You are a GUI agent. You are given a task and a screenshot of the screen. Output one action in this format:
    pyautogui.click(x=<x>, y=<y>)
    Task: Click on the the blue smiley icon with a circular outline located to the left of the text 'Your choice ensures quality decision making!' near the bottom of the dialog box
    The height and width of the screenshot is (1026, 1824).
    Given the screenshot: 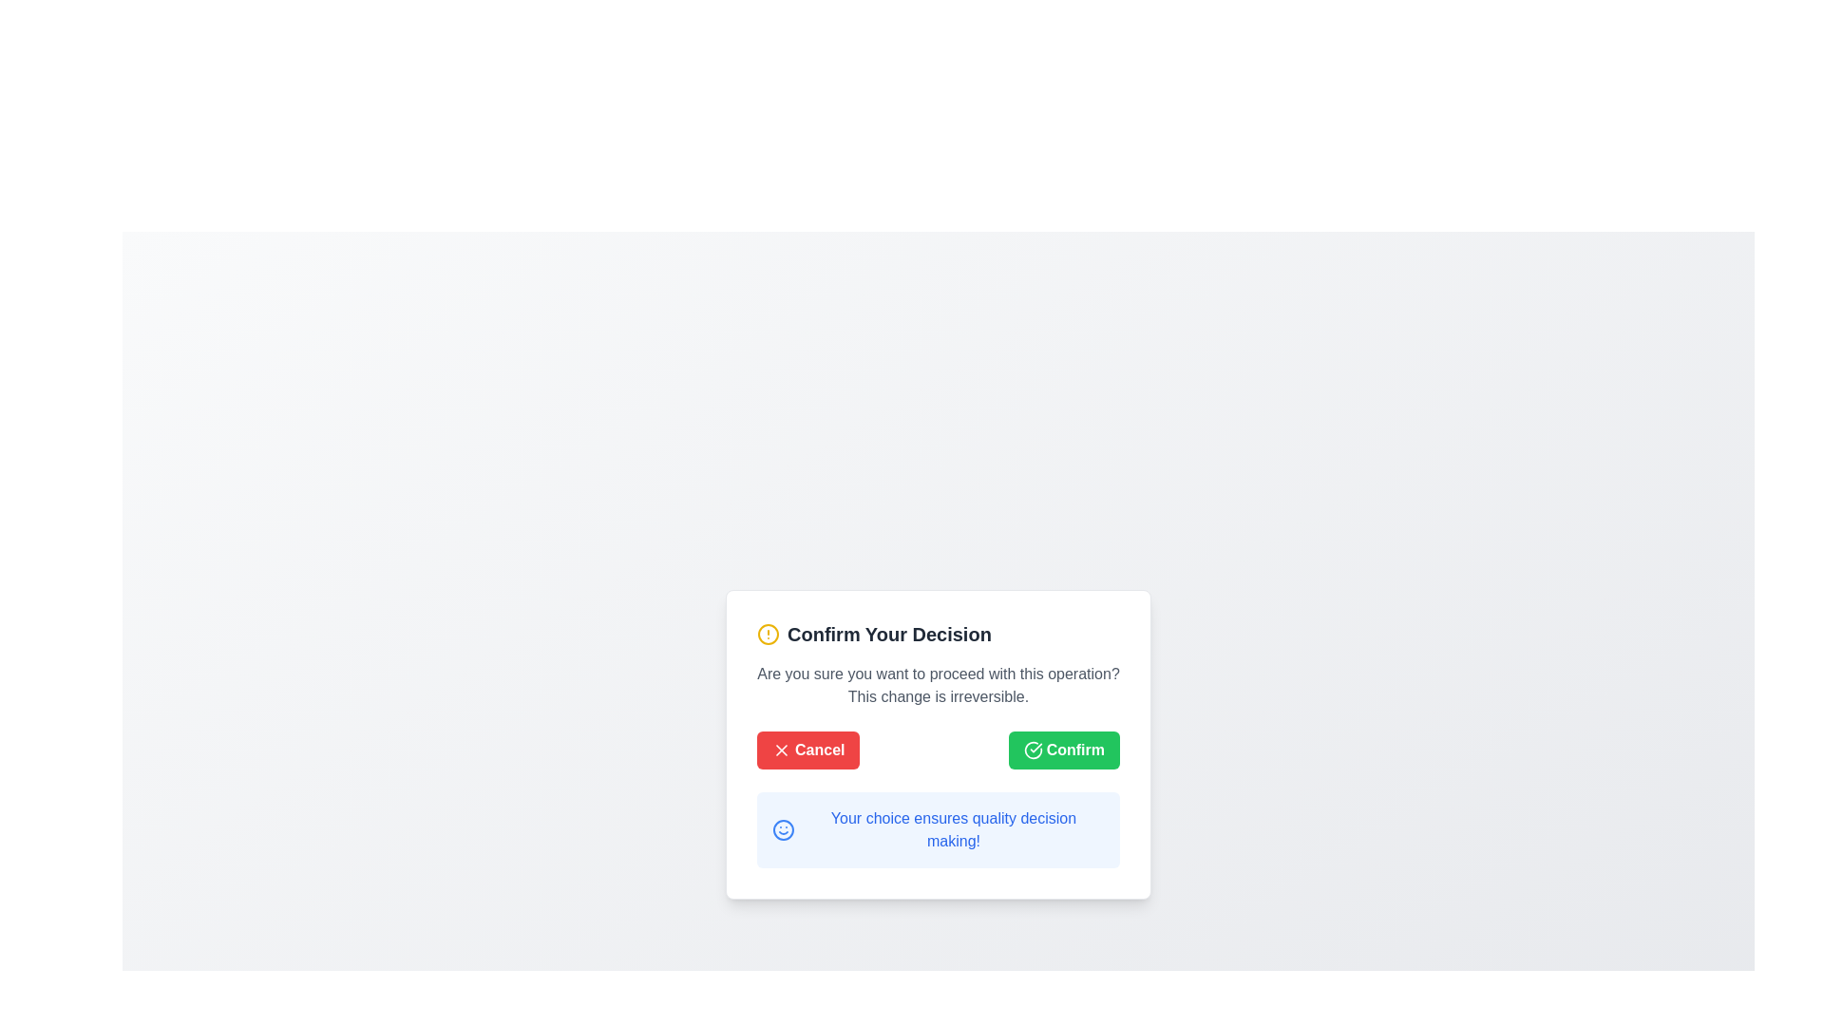 What is the action you would take?
    pyautogui.click(x=784, y=829)
    